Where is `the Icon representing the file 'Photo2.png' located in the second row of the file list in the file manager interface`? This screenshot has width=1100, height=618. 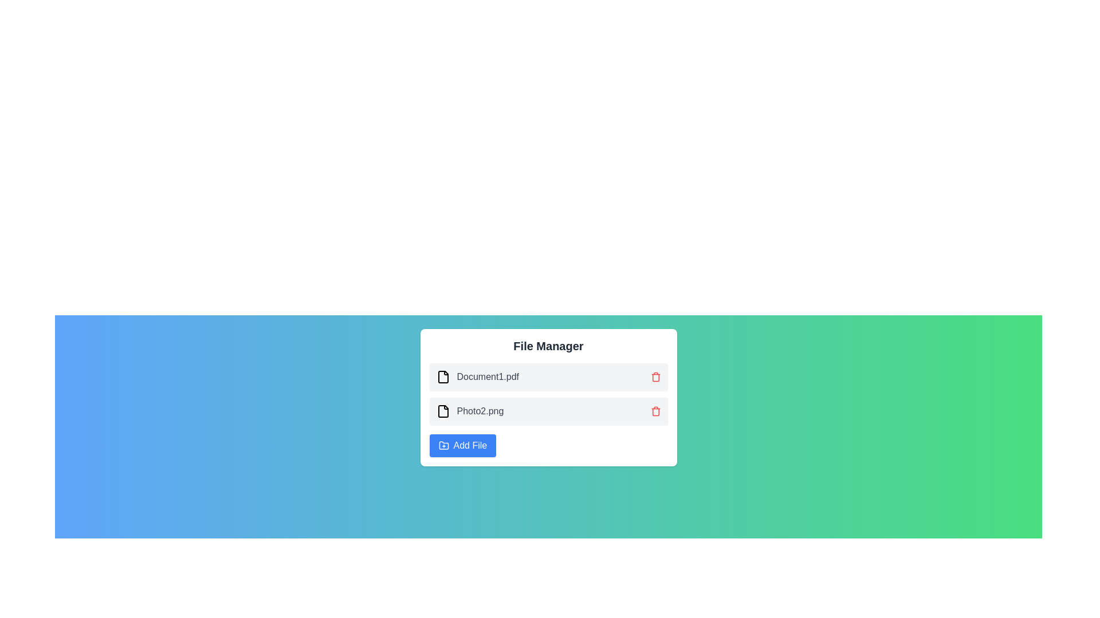 the Icon representing the file 'Photo2.png' located in the second row of the file list in the file manager interface is located at coordinates (442, 410).